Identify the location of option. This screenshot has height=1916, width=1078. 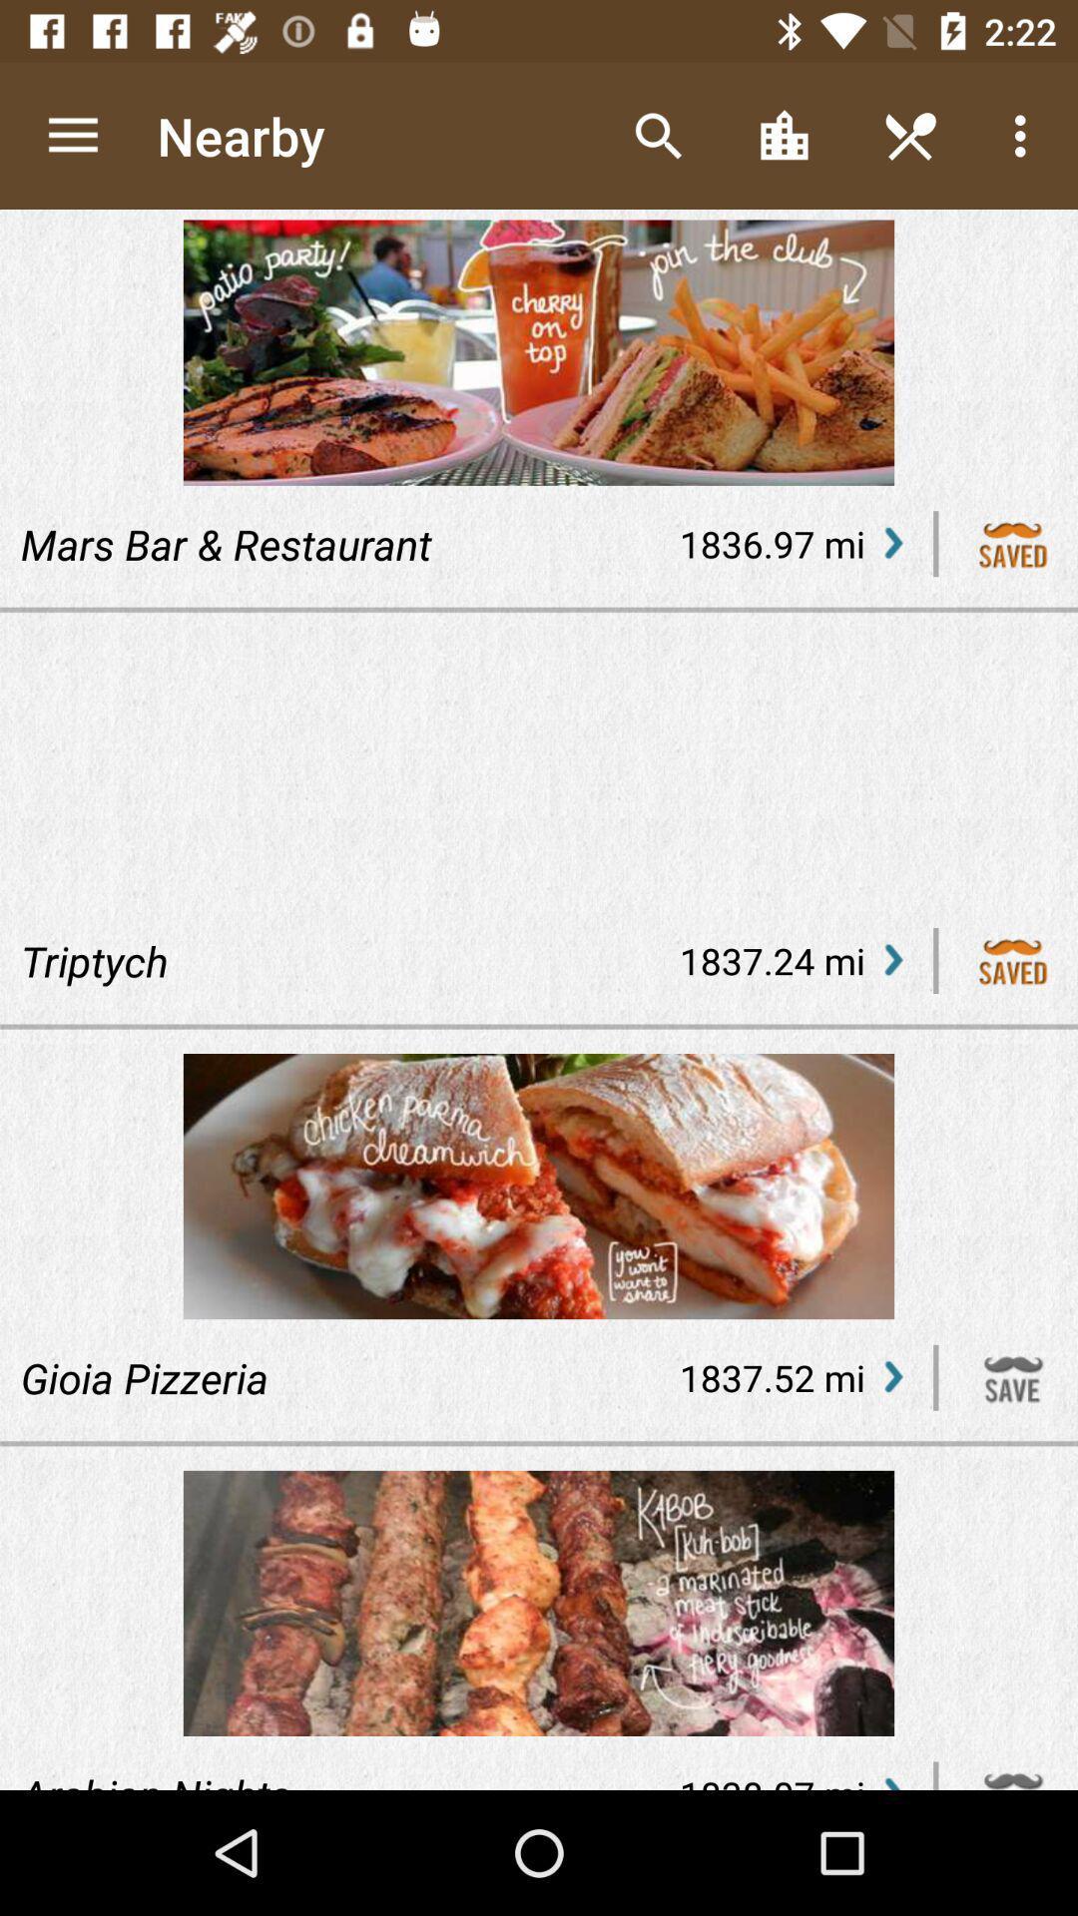
(1013, 961).